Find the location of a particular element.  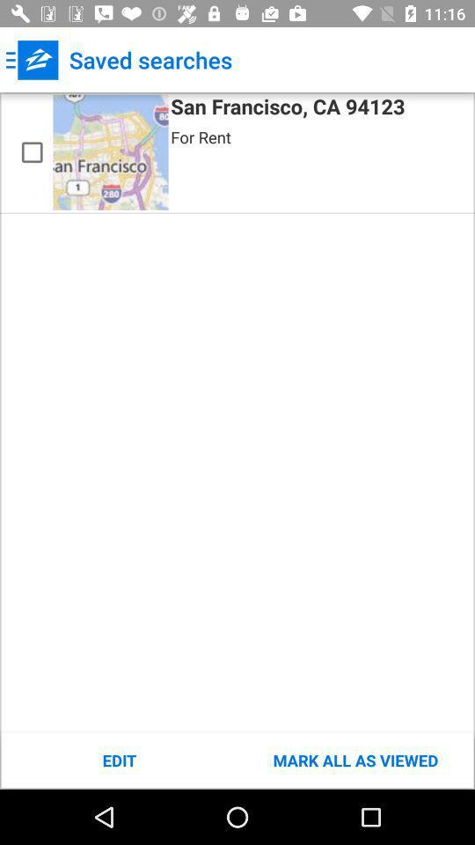

the icon below the san francisco ca is located at coordinates (200, 136).